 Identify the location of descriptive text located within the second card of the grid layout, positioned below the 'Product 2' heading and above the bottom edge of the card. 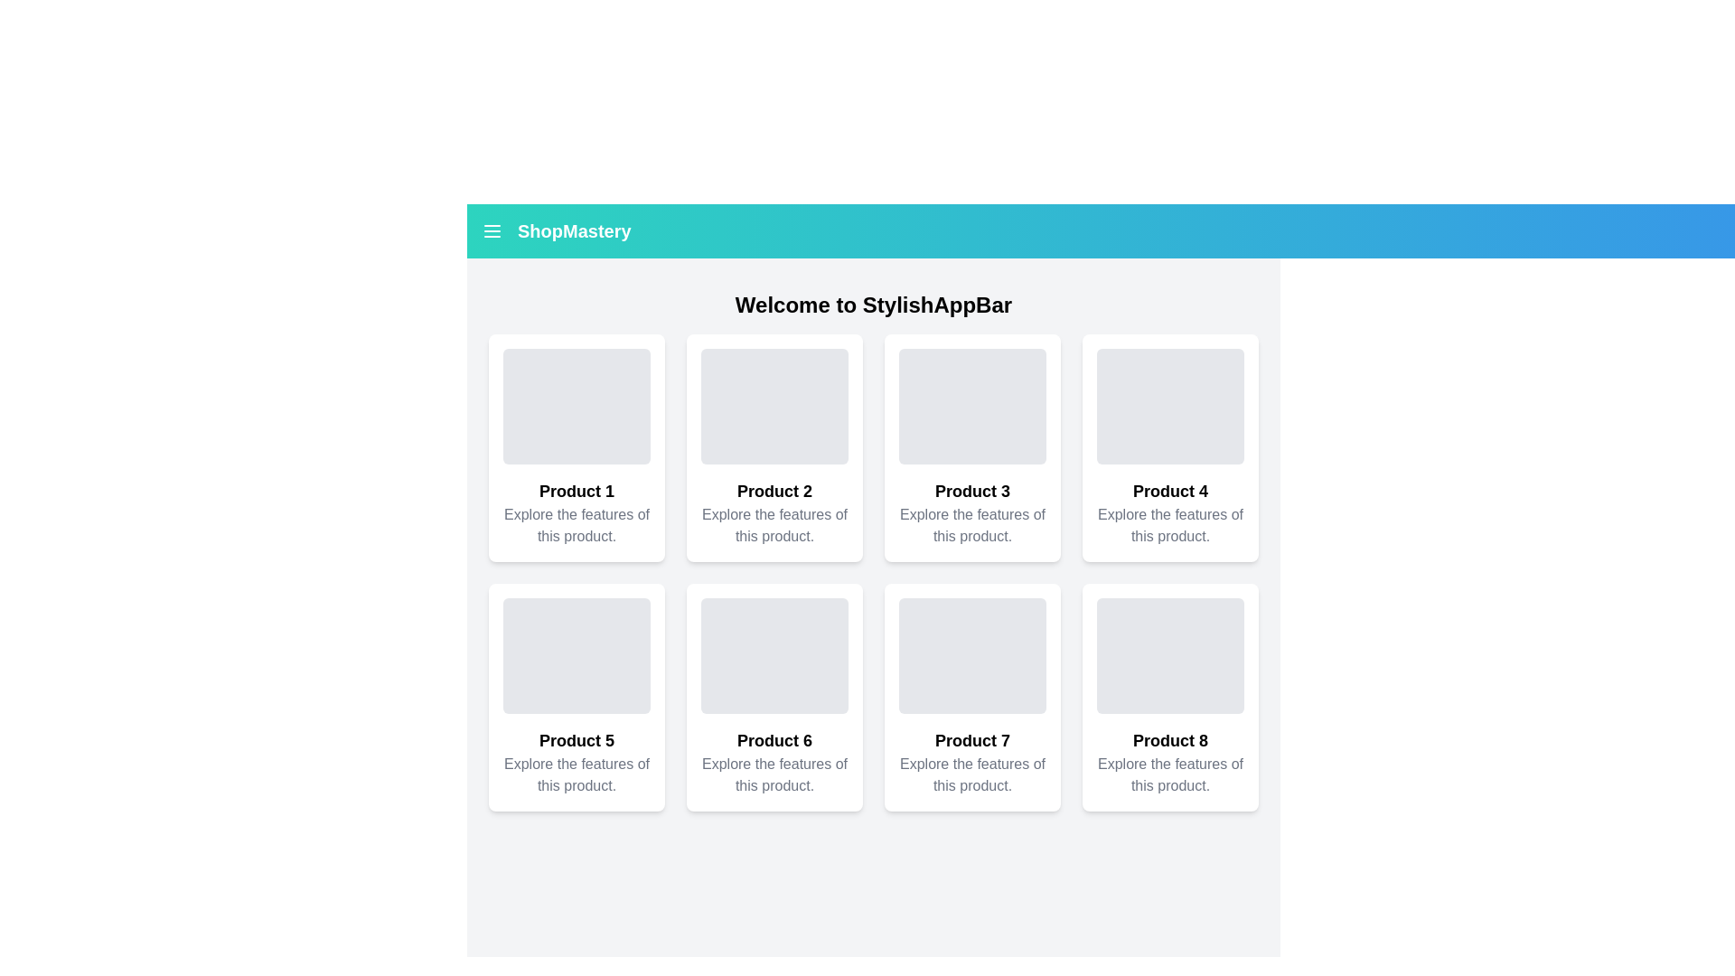
(774, 526).